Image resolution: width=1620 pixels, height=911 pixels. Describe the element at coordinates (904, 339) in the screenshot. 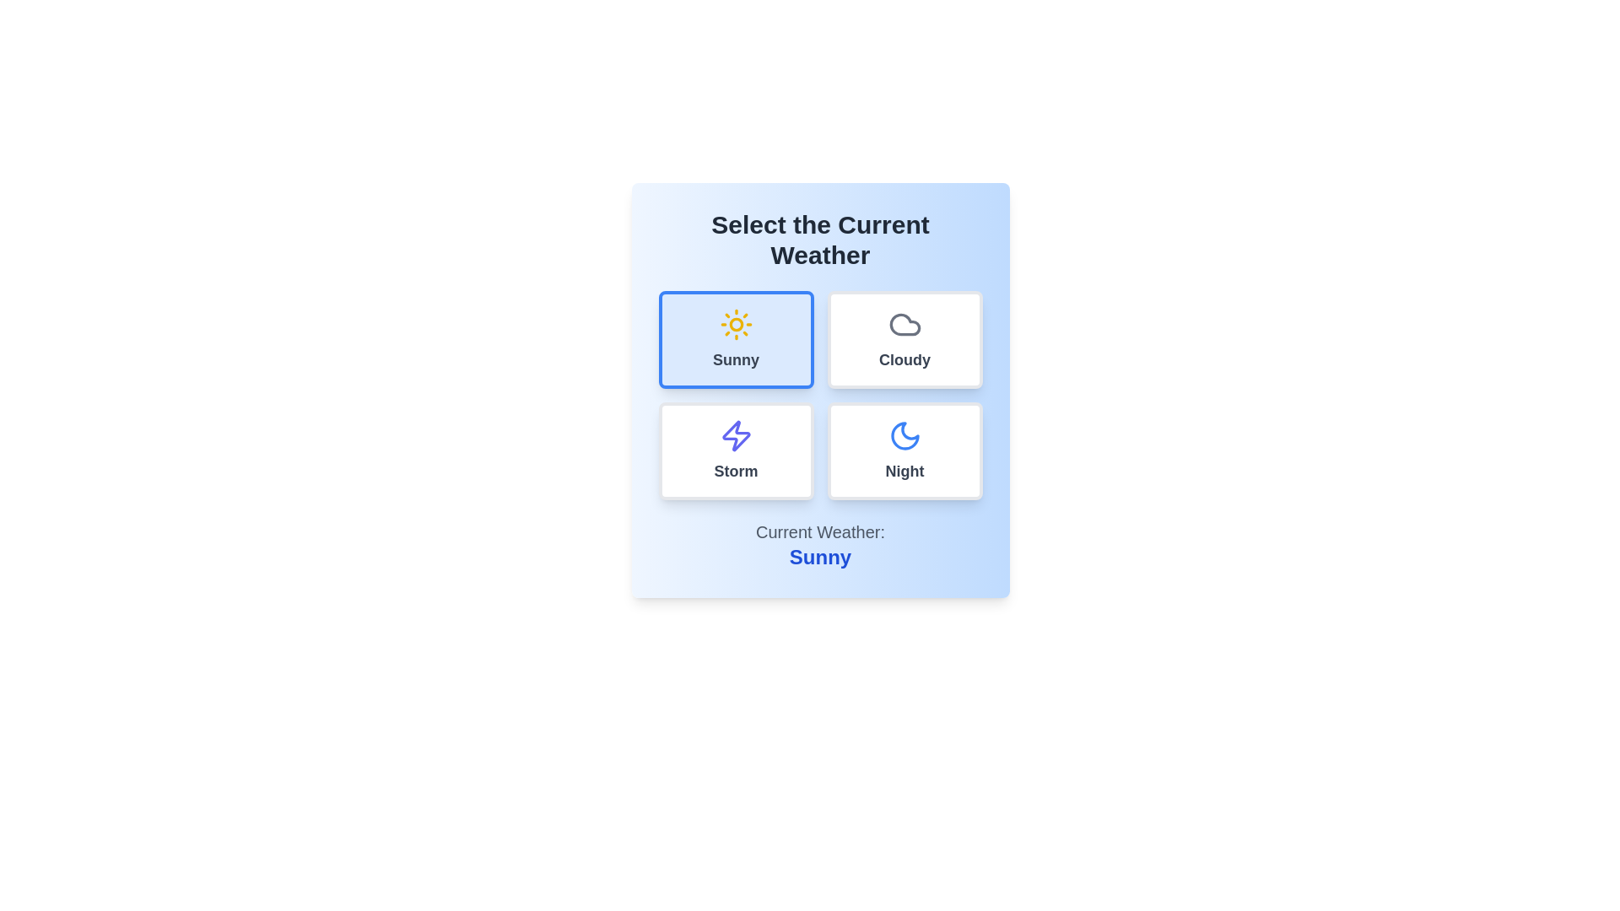

I see `the weather option Cloudy by clicking on the corresponding button` at that location.